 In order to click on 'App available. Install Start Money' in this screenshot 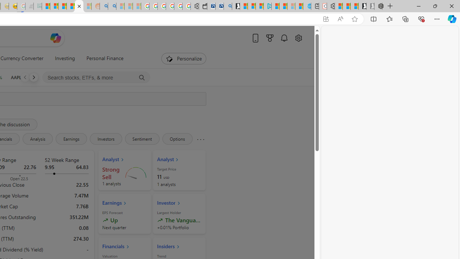, I will do `click(325, 19)`.